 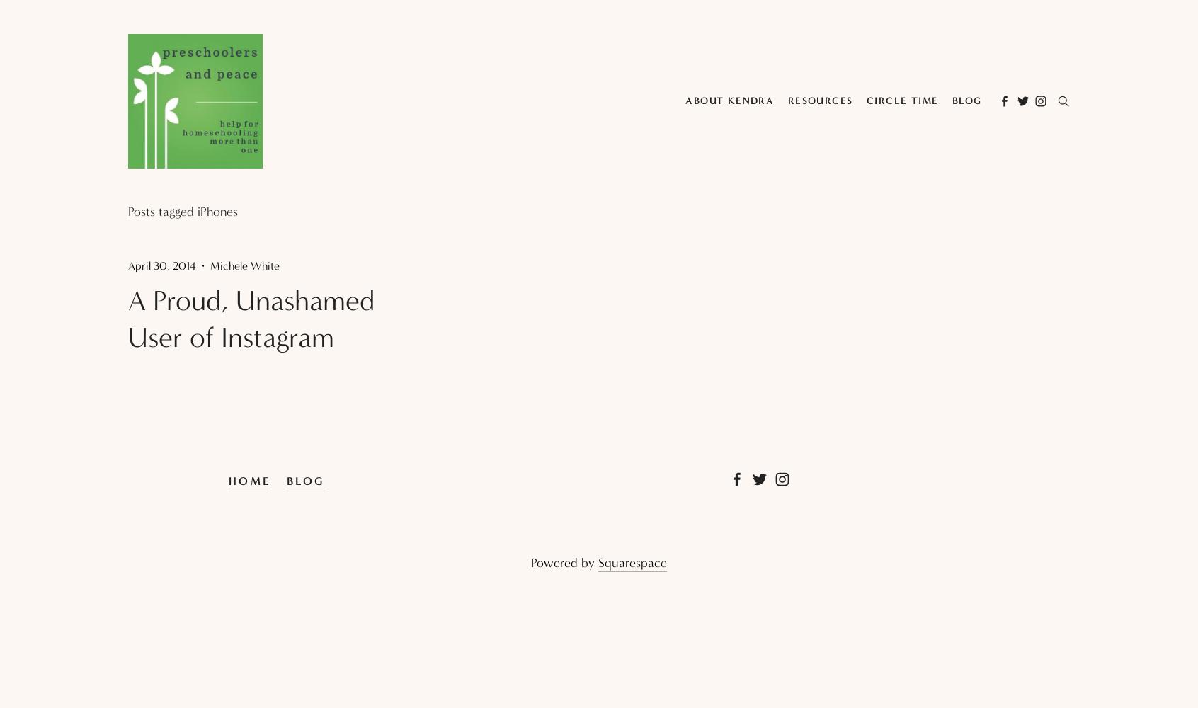 I want to click on 'Powered by', so click(x=564, y=563).